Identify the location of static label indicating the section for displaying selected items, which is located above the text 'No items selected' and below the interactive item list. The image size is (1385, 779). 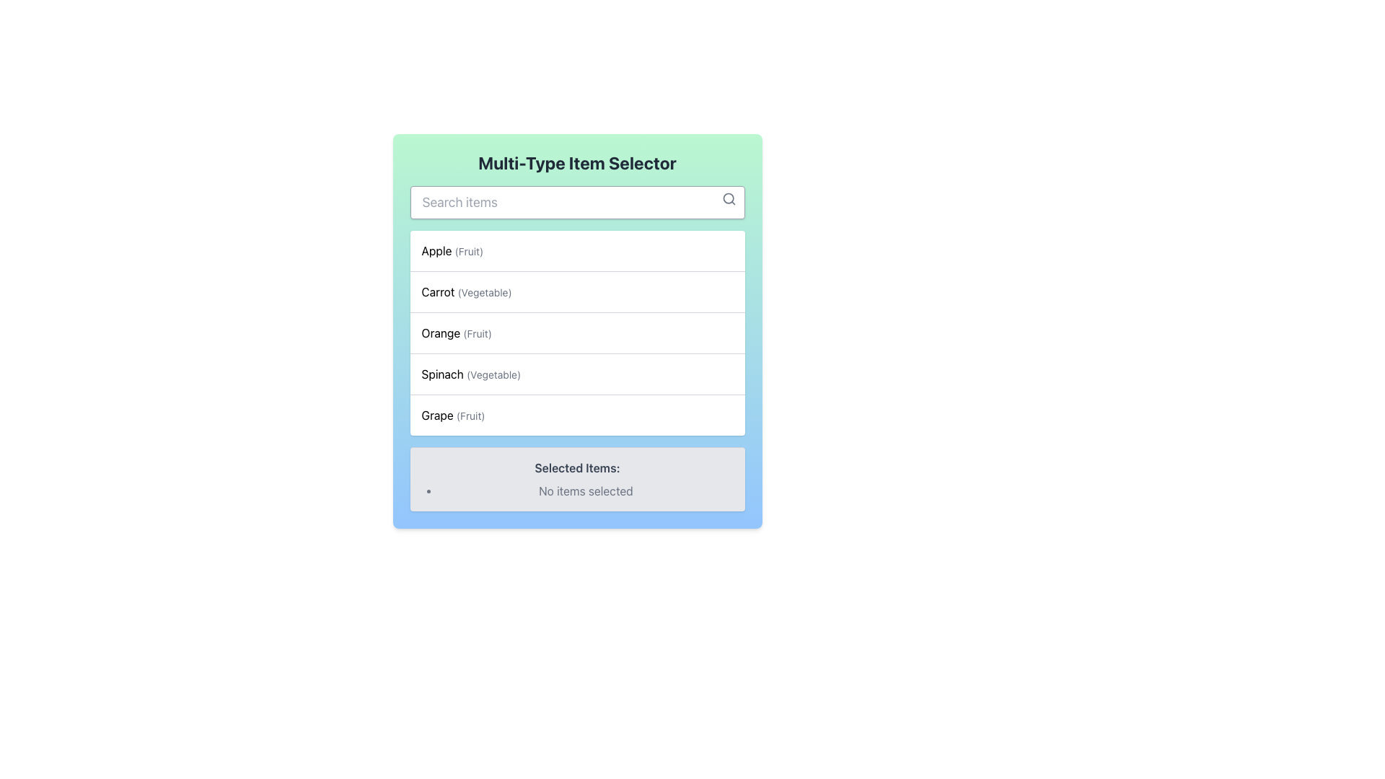
(577, 467).